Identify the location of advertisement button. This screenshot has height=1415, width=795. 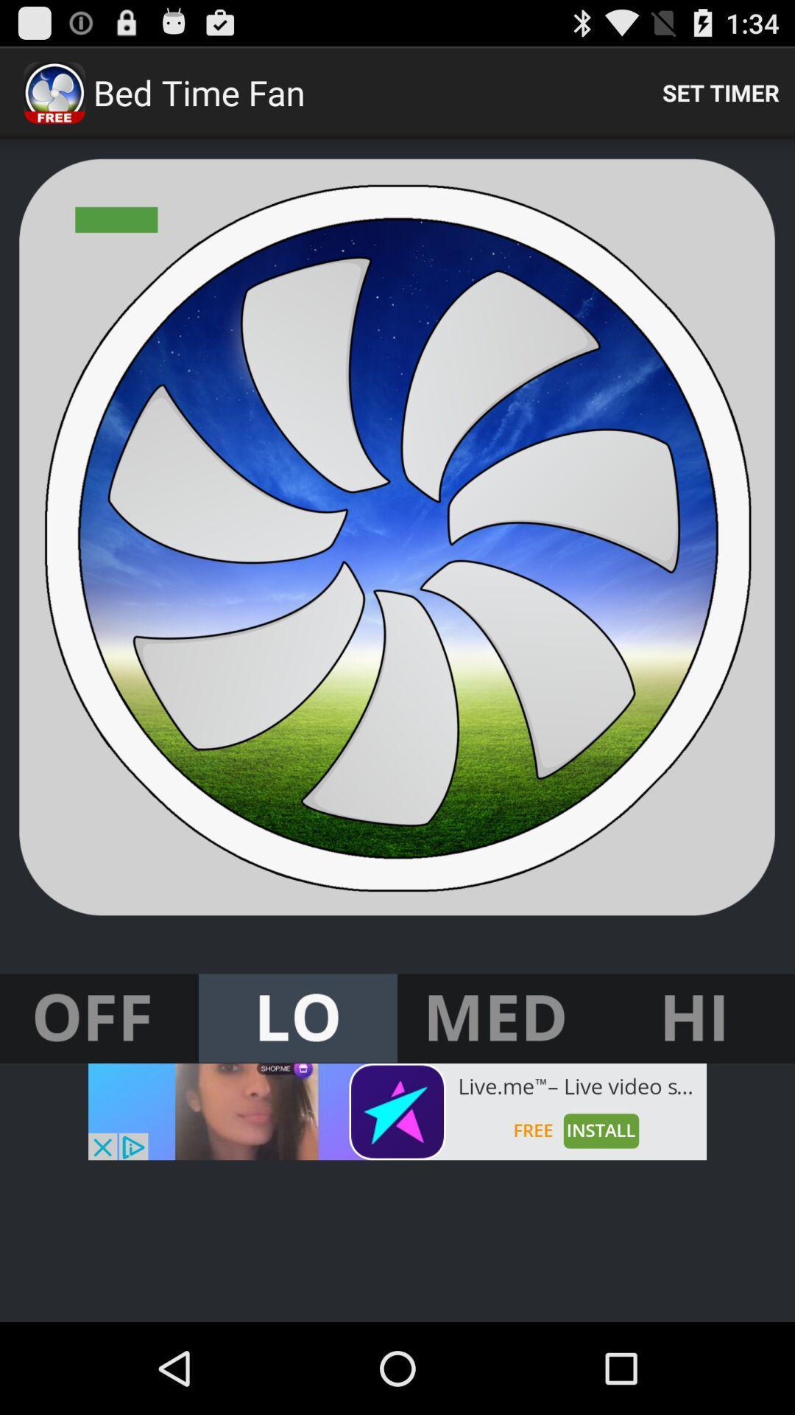
(397, 1111).